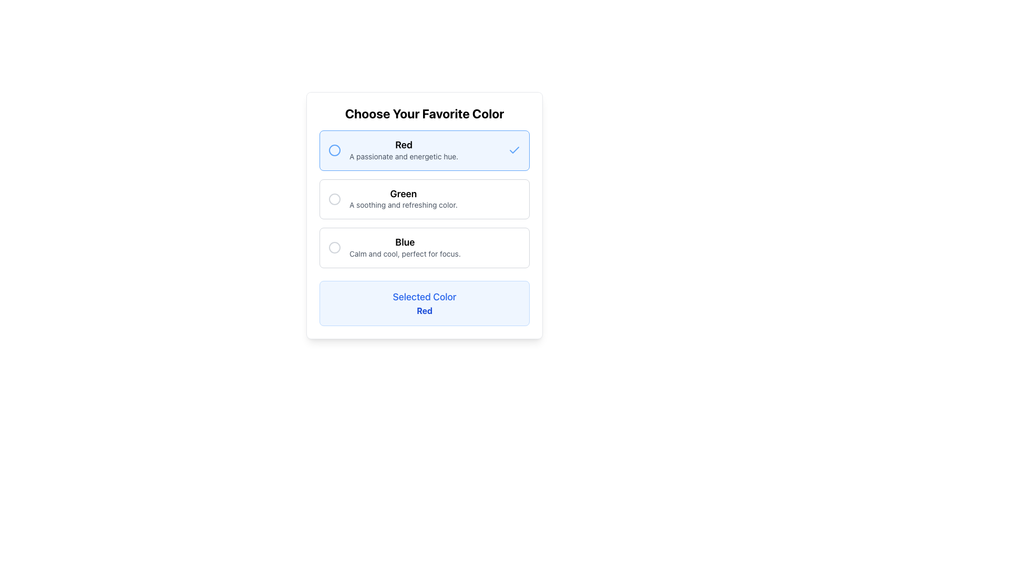 This screenshot has width=1009, height=568. I want to click on the circular radio button for the 'Green' color option, so click(334, 199).